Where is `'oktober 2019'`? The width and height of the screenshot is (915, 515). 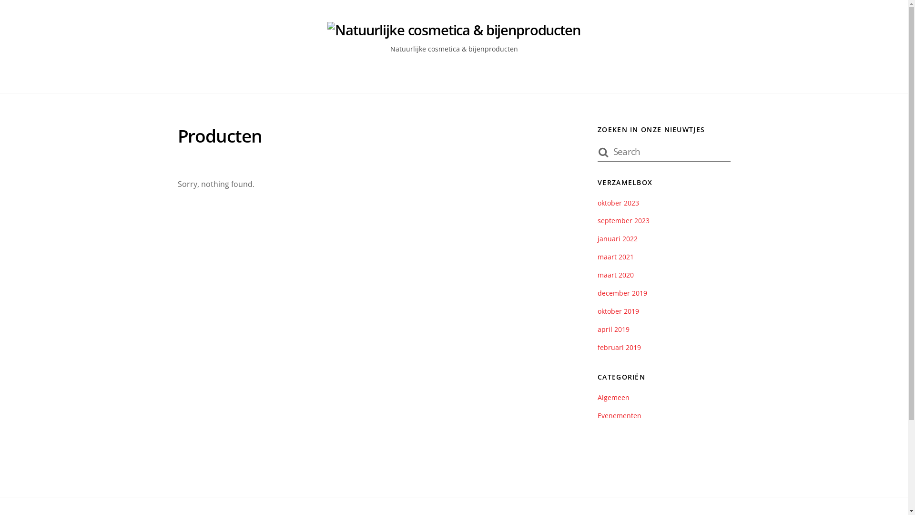 'oktober 2019' is located at coordinates (618, 311).